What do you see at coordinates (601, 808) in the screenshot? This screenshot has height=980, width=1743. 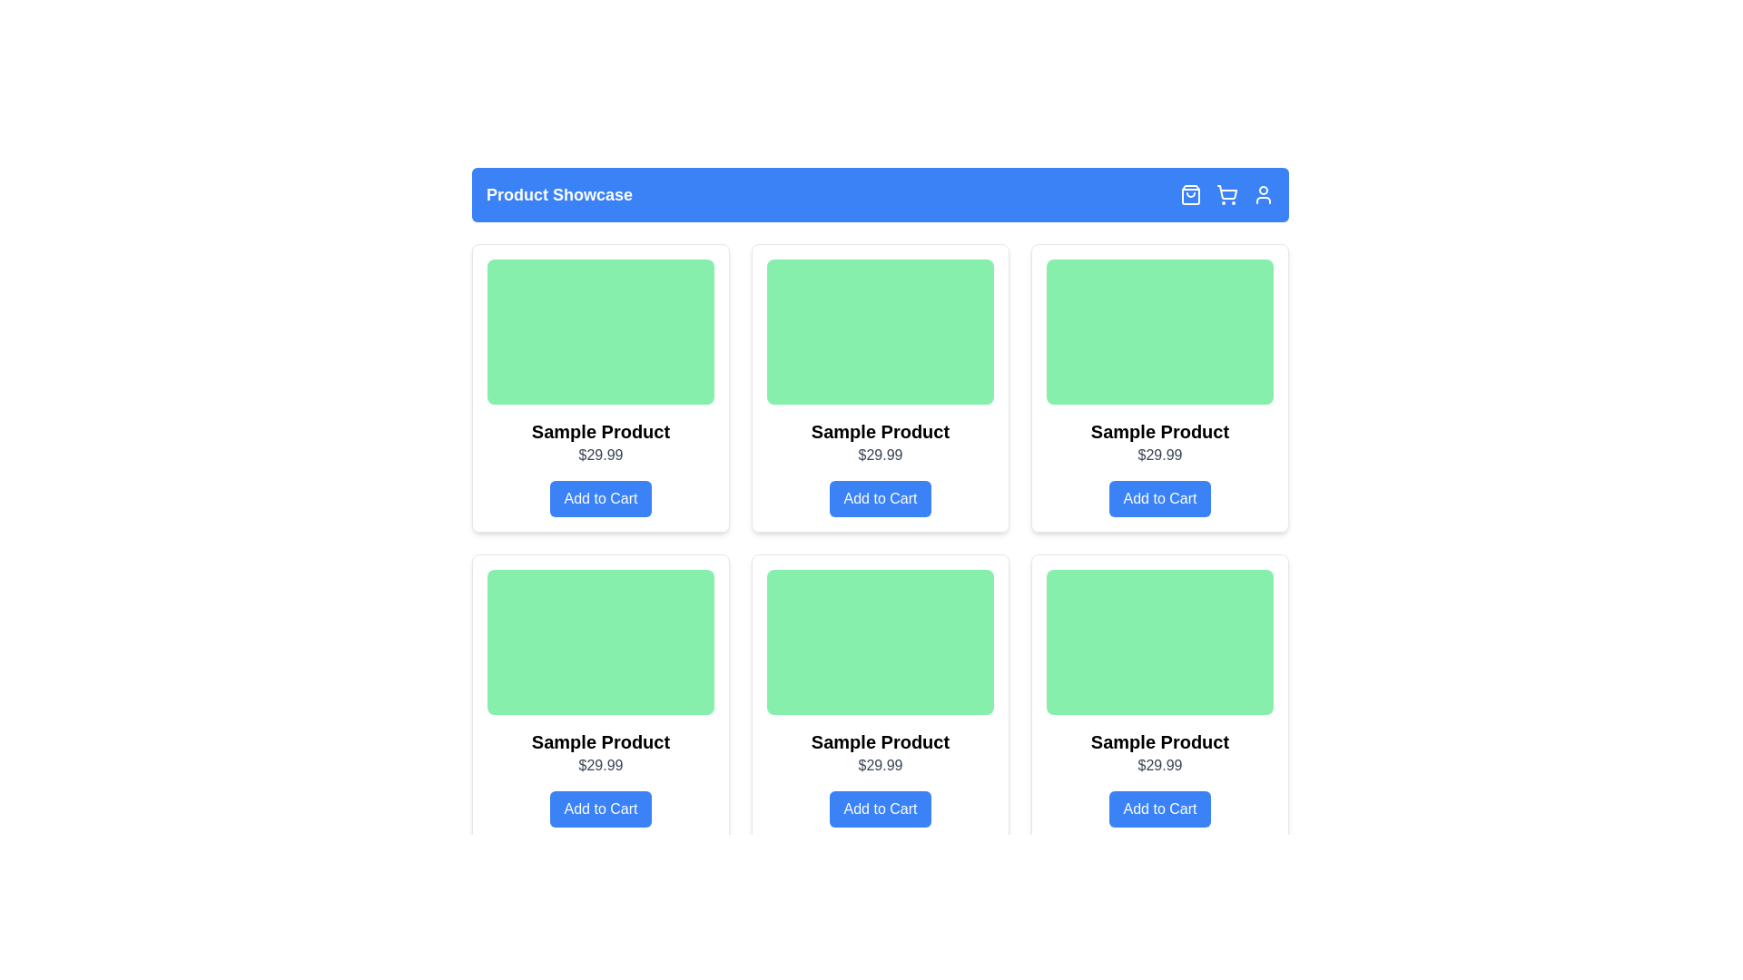 I see `the 'Add to Cart' button located at the bottom of the 'Sample Product' card in the three-column grid layout and focus on it using keyboard navigation` at bounding box center [601, 808].